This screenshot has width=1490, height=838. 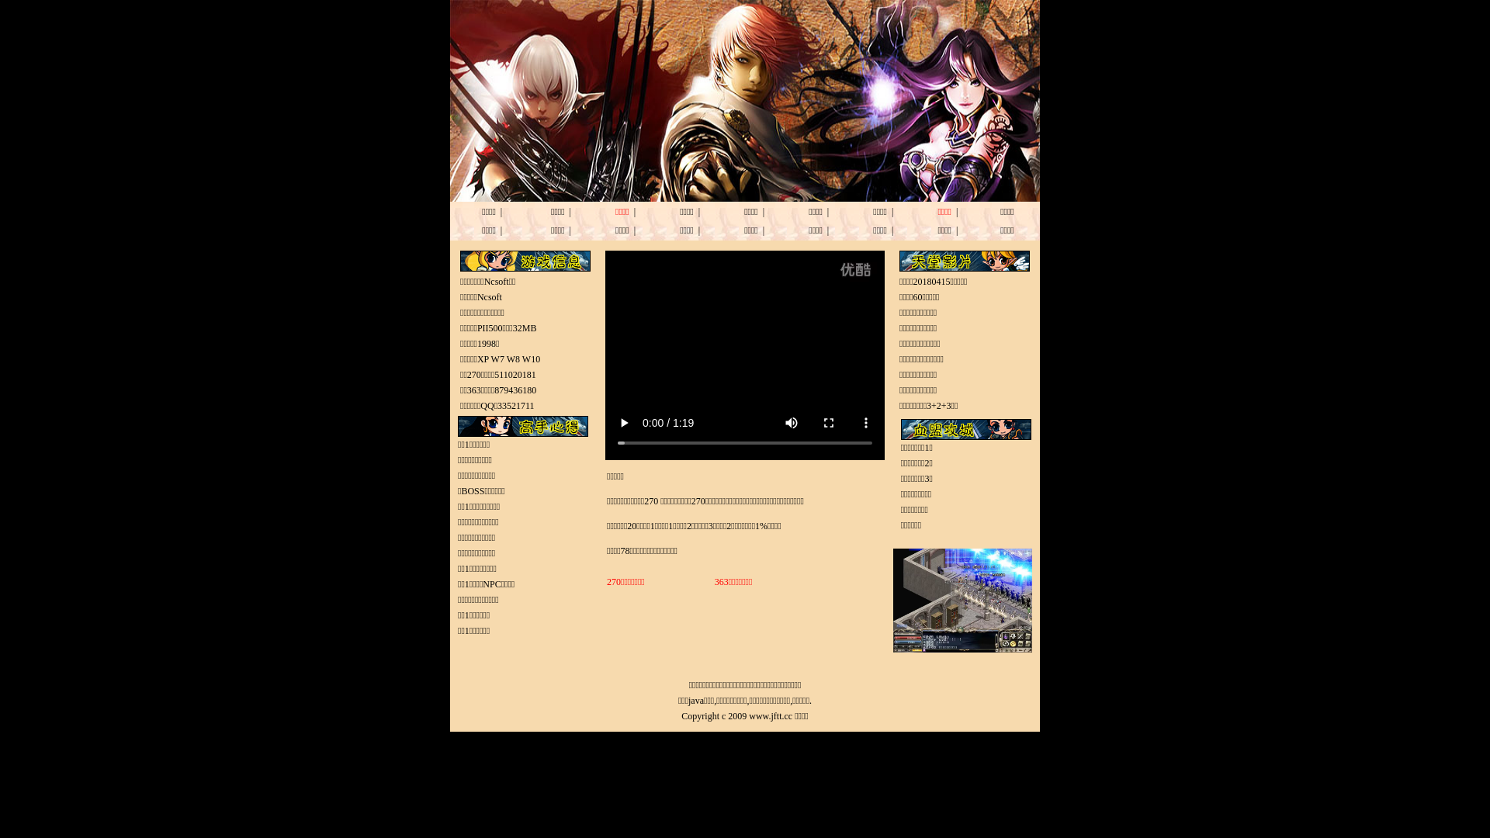 I want to click on '33521711', so click(x=516, y=405).